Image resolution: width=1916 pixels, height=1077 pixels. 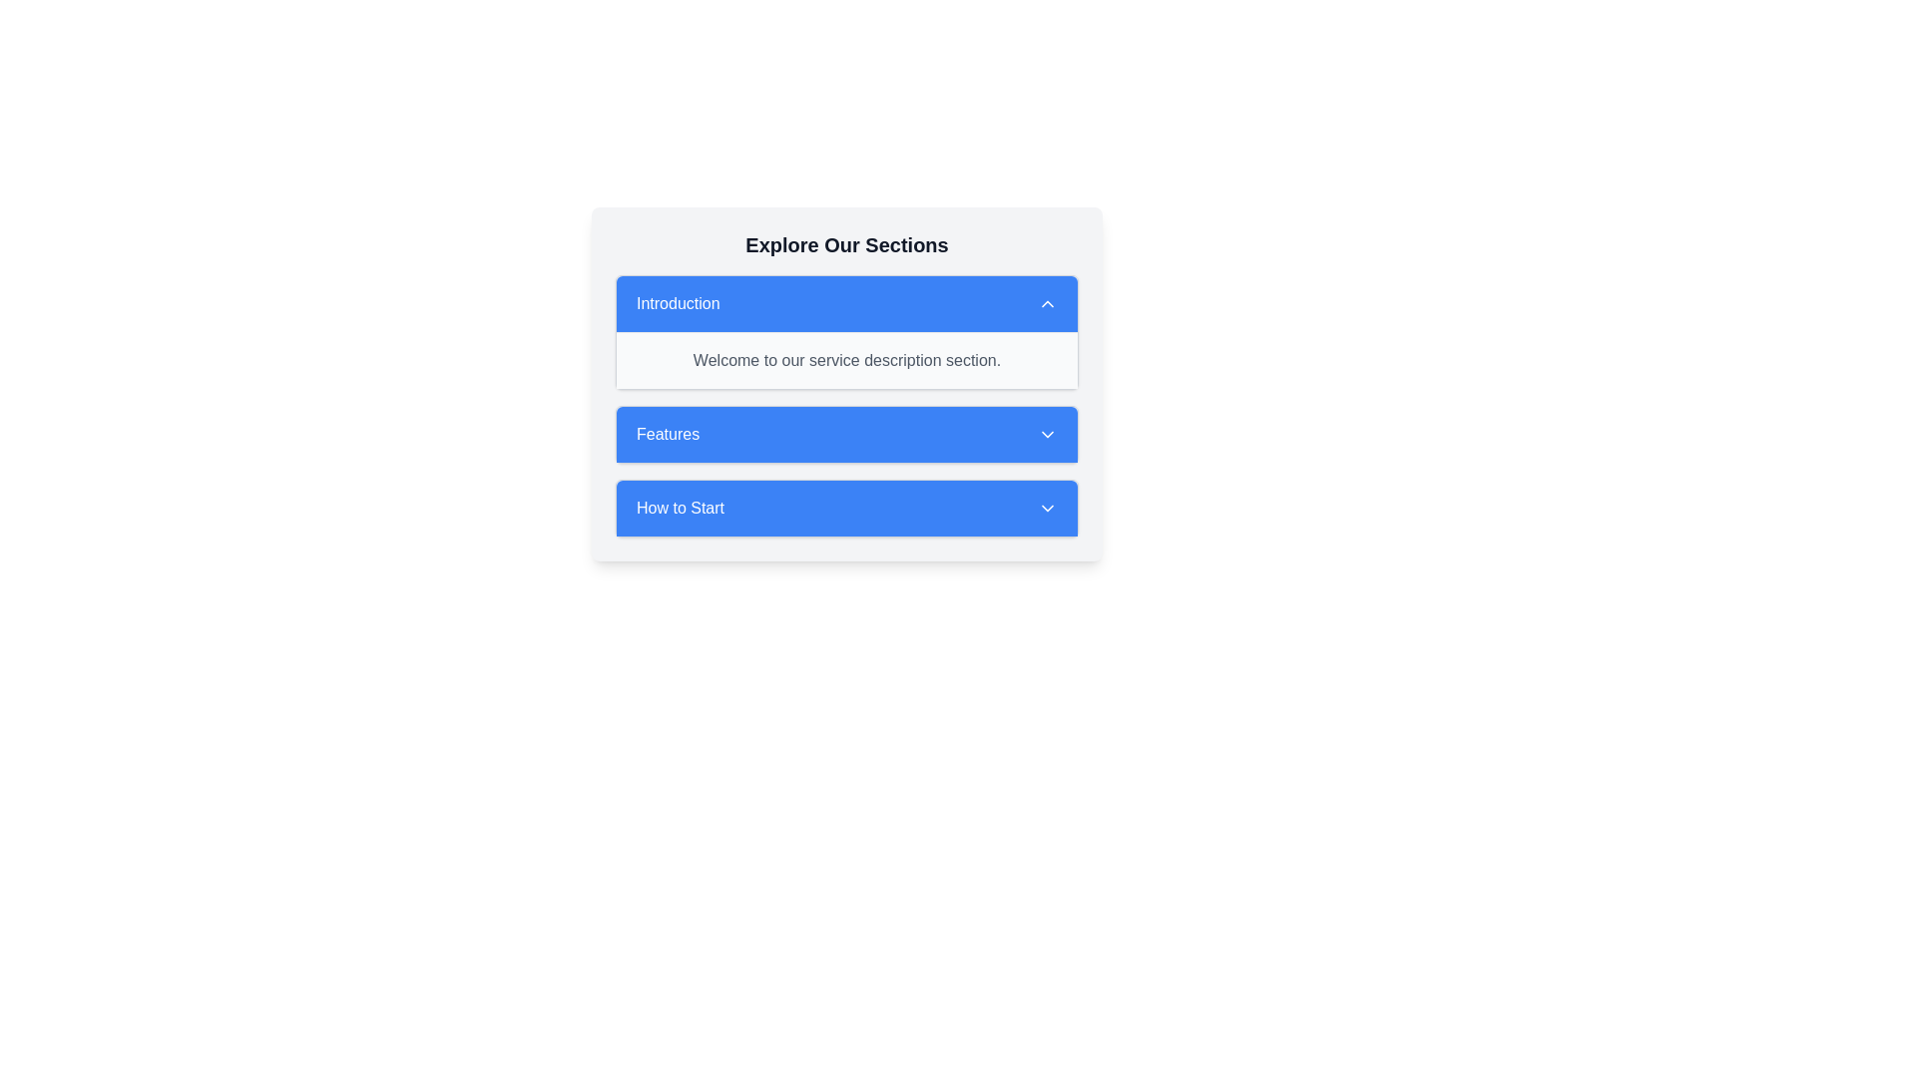 What do you see at coordinates (678, 303) in the screenshot?
I see `text from the Static Text Label that serves as the title for the 'Introduction' collapsible section, located in the blue header bar at the top of the section` at bounding box center [678, 303].